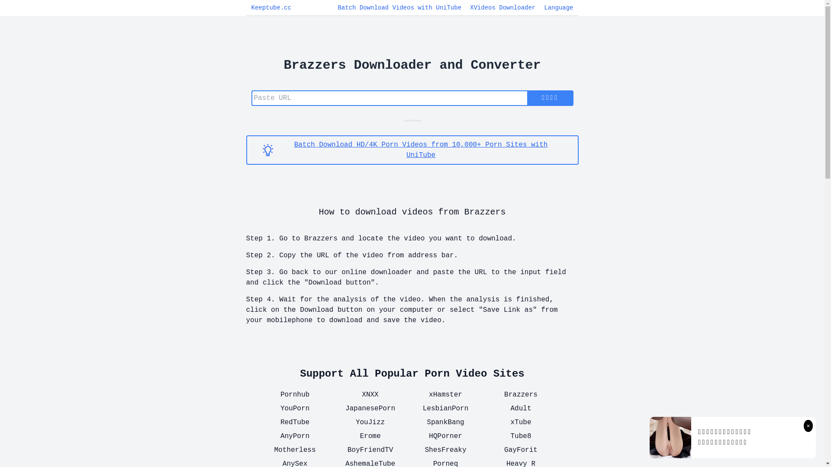 The height and width of the screenshot is (467, 831). I want to click on 'Motherless', so click(263, 450).